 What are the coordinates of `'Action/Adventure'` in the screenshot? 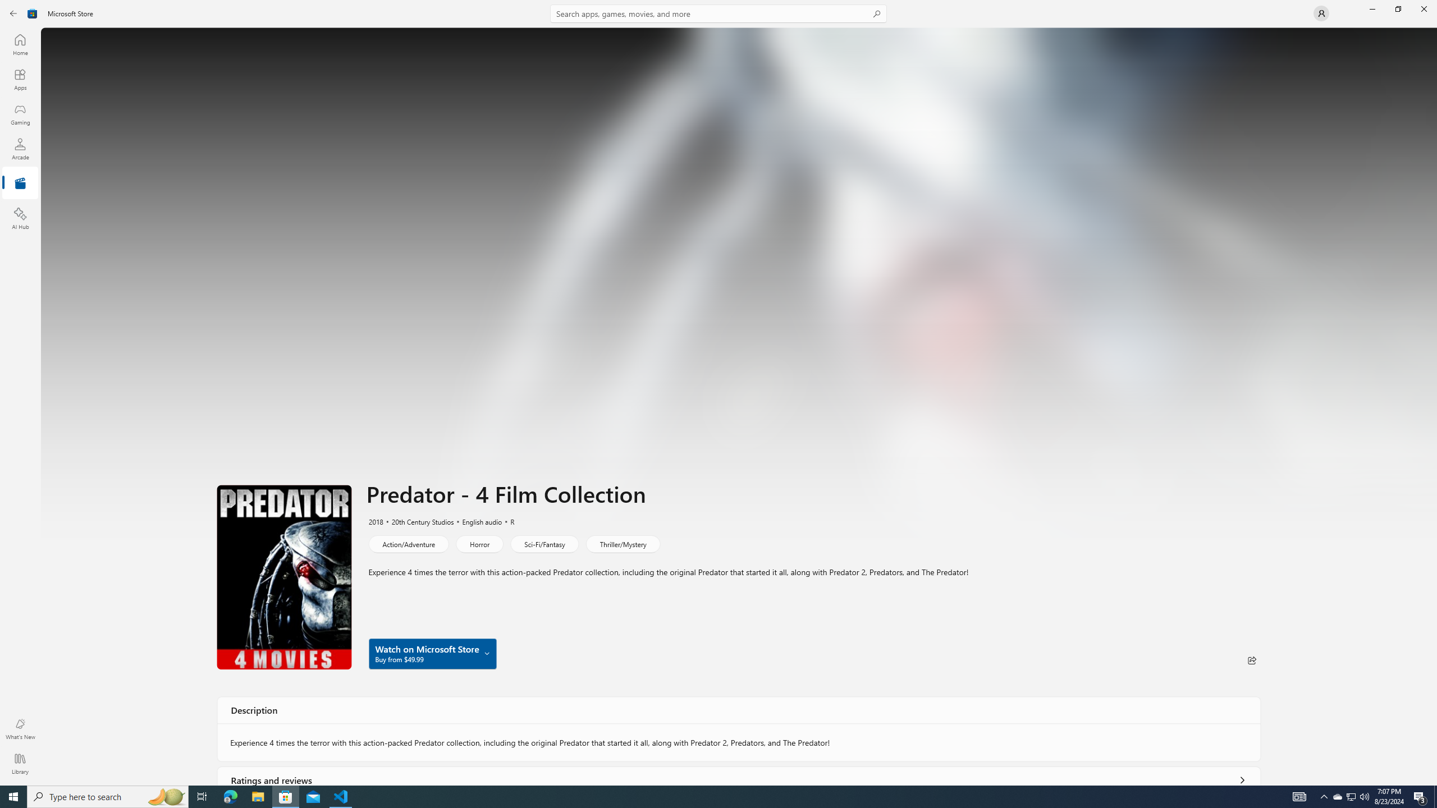 It's located at (408, 543).